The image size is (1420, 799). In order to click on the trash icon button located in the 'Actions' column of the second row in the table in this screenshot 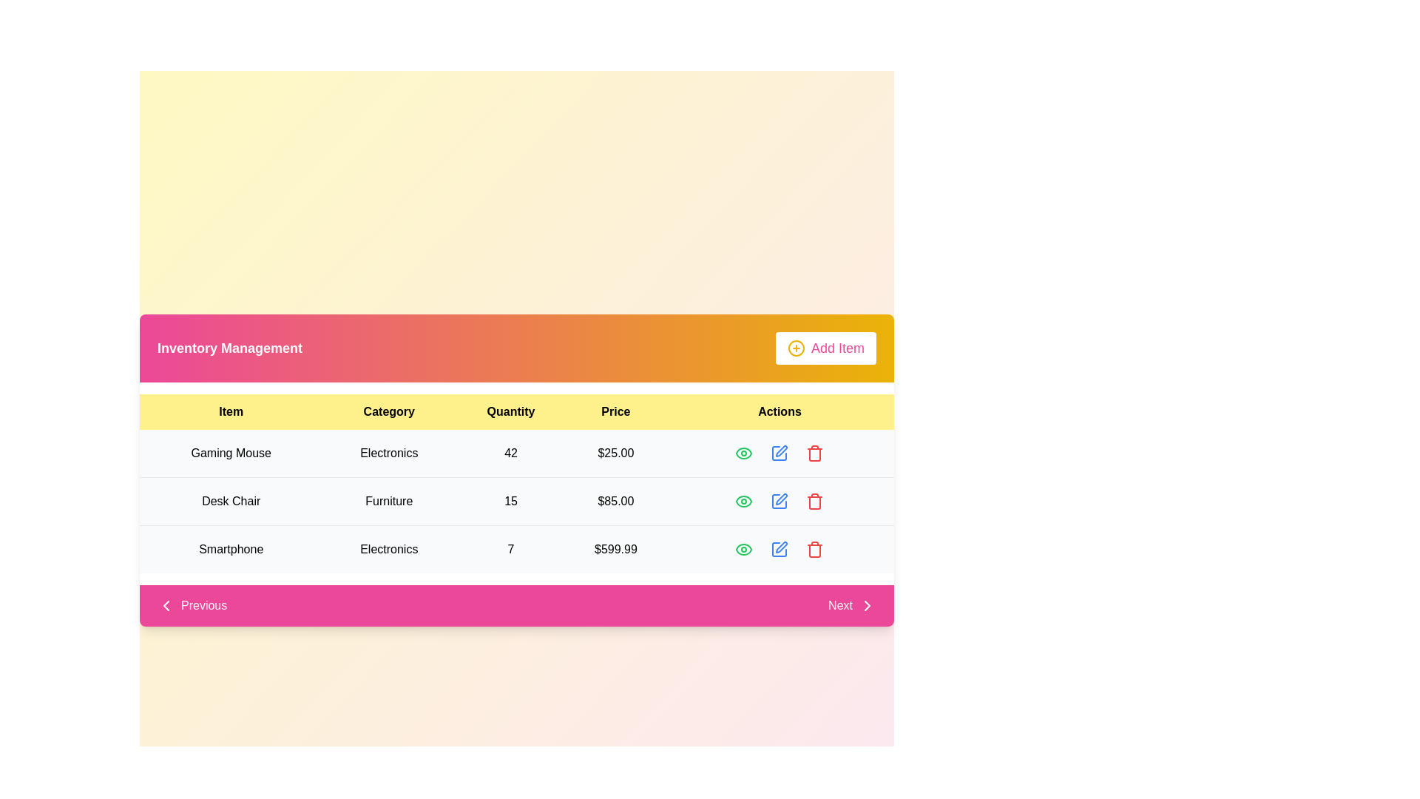, I will do `click(814, 501)`.